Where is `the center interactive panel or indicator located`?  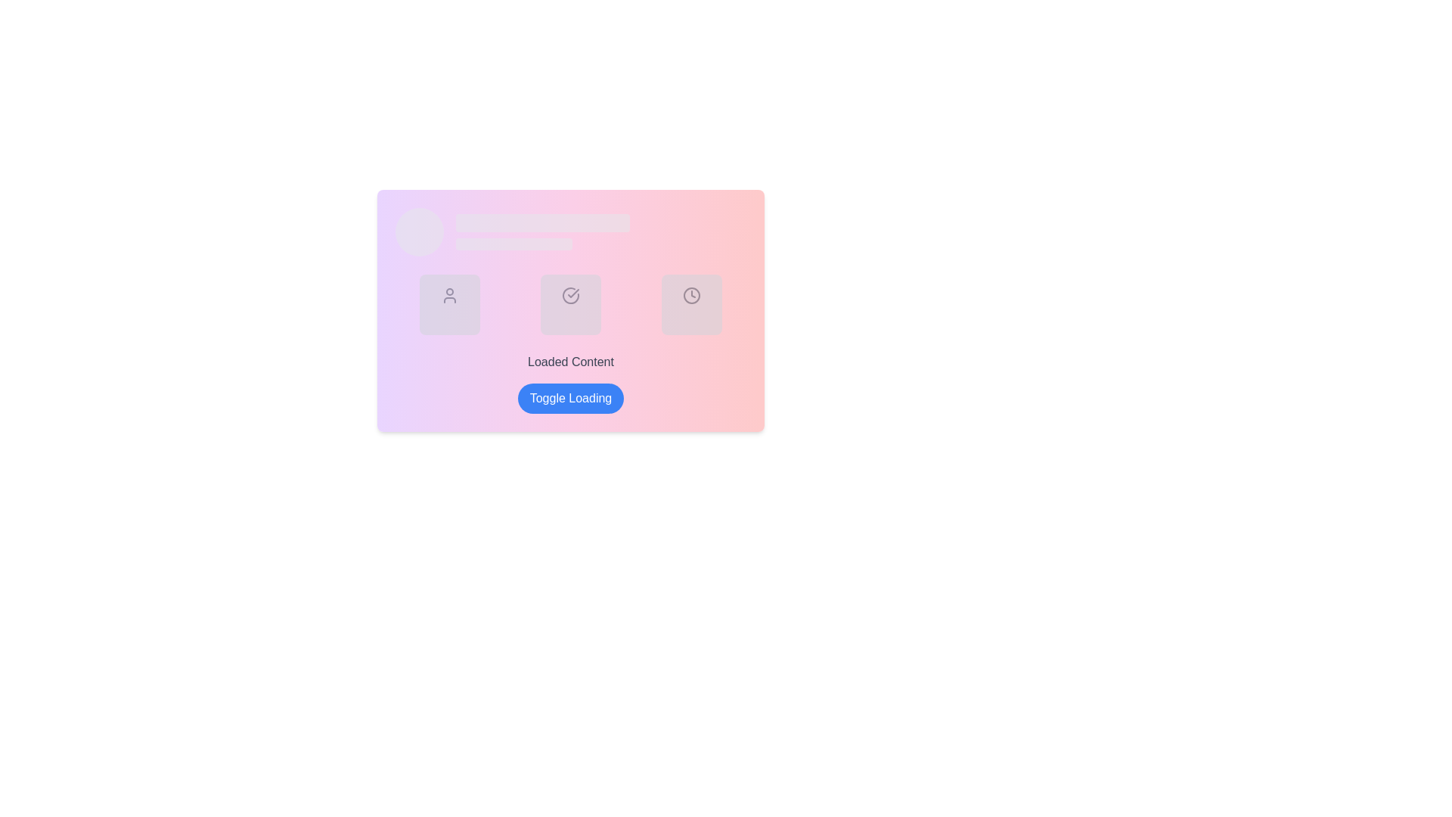 the center interactive panel or indicator located is located at coordinates (569, 304).